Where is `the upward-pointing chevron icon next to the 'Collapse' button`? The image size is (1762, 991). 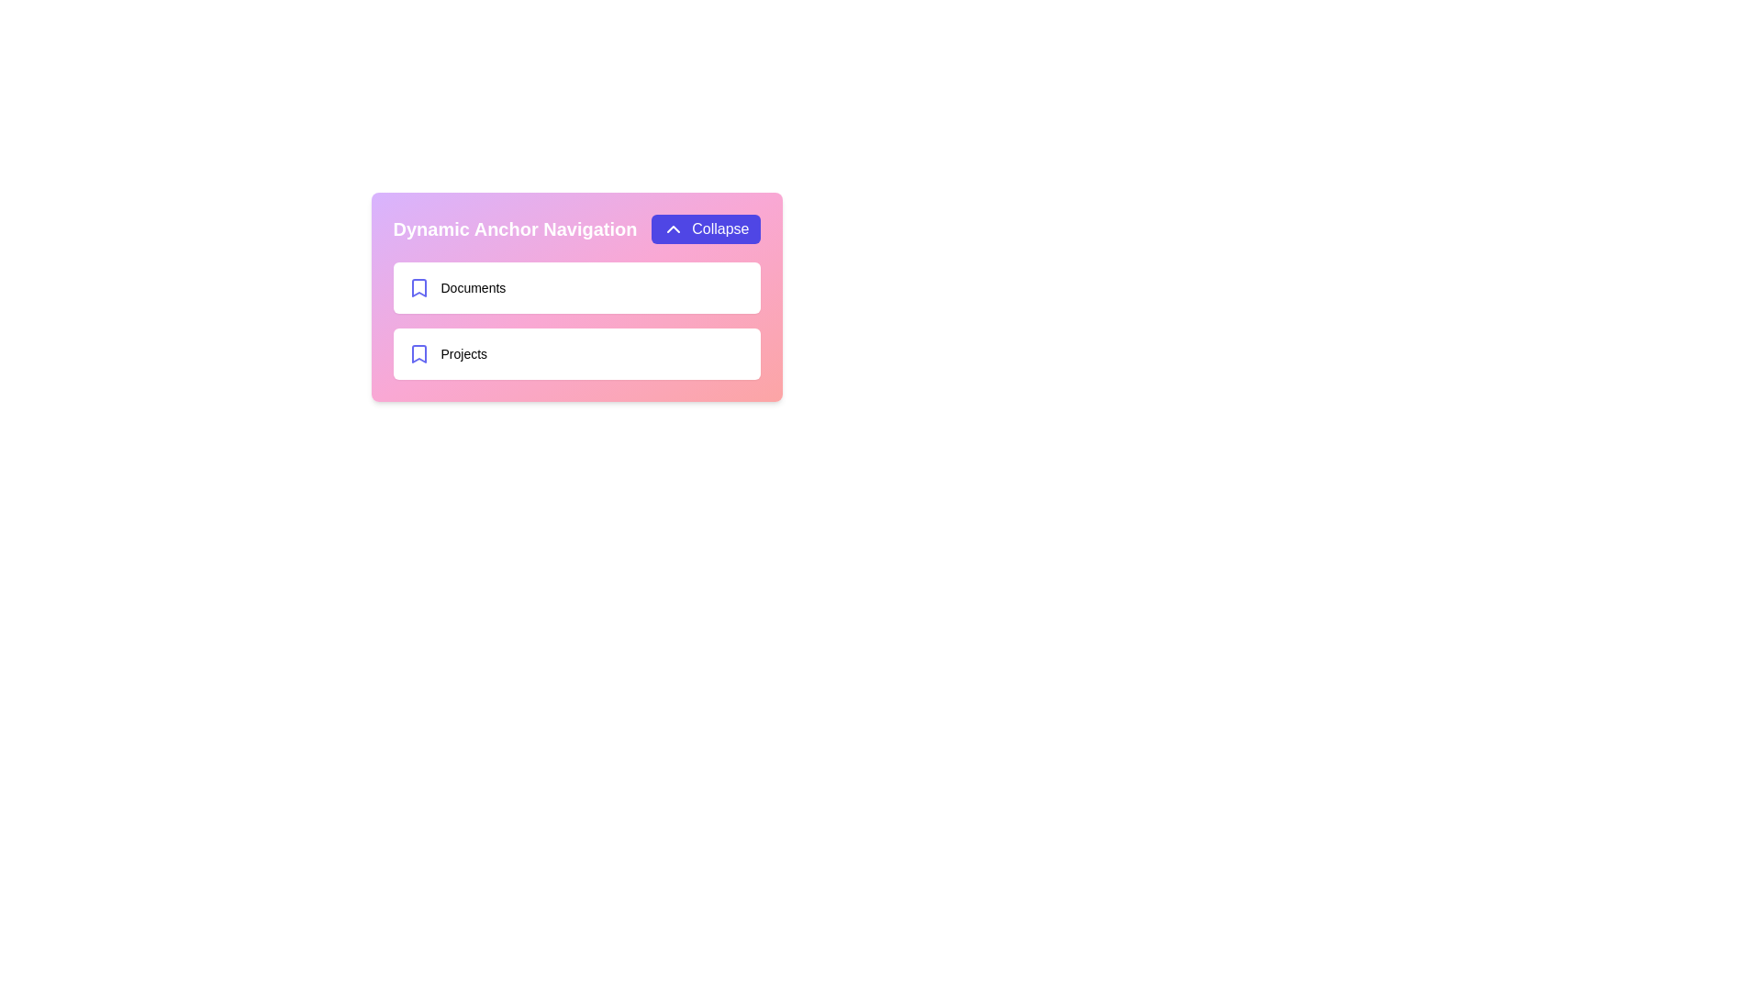
the upward-pointing chevron icon next to the 'Collapse' button is located at coordinates (673, 228).